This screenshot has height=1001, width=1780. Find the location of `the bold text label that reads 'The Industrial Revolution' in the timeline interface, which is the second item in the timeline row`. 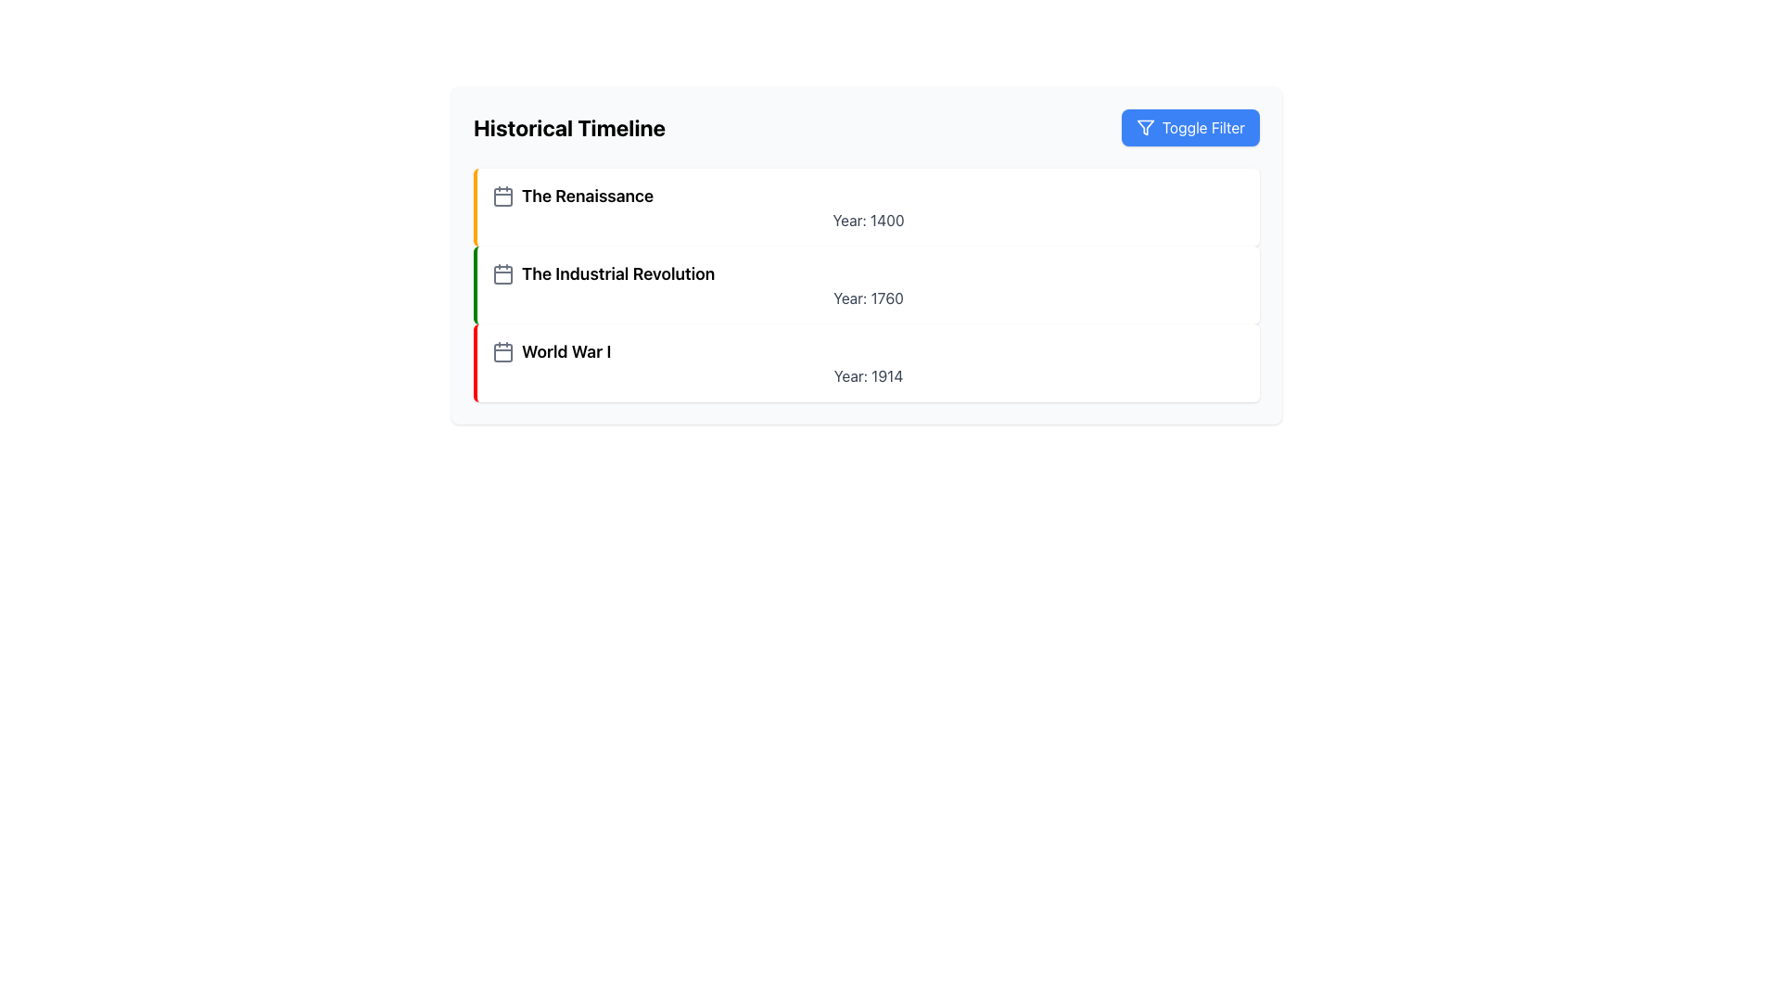

the bold text label that reads 'The Industrial Revolution' in the timeline interface, which is the second item in the timeline row is located at coordinates (618, 274).